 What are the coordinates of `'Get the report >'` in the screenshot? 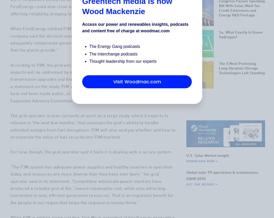 It's located at (202, 205).